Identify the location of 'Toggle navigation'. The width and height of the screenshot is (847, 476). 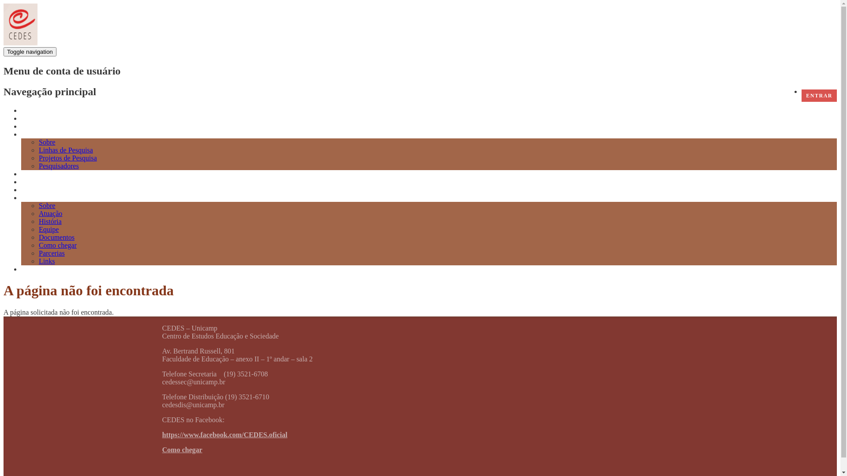
(30, 52).